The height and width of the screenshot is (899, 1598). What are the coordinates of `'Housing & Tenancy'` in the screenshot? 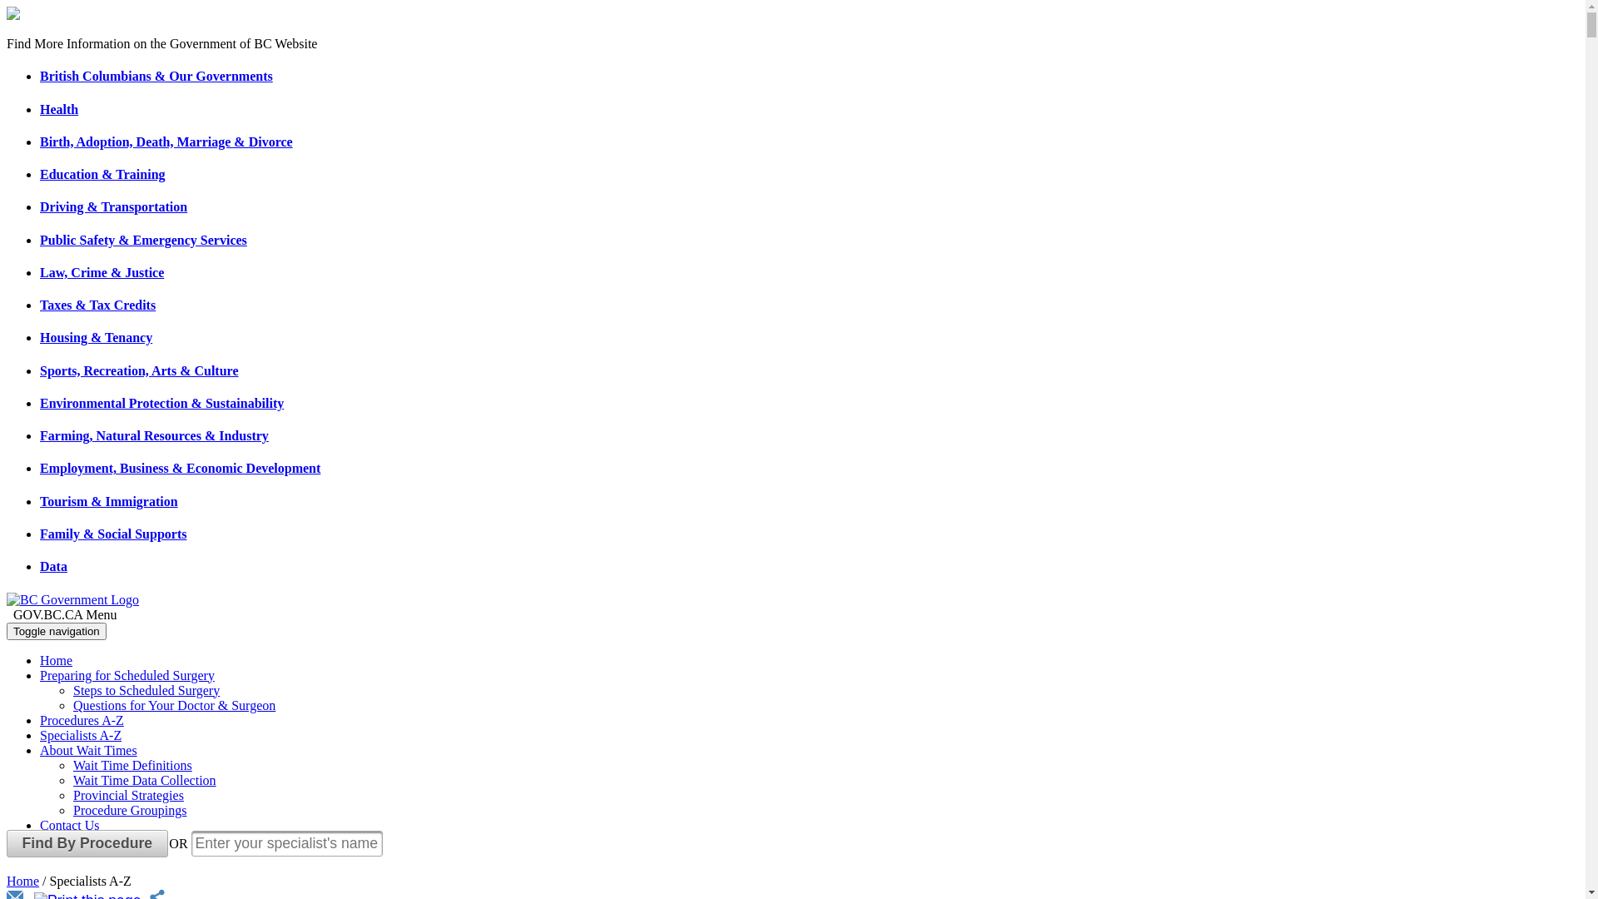 It's located at (95, 337).